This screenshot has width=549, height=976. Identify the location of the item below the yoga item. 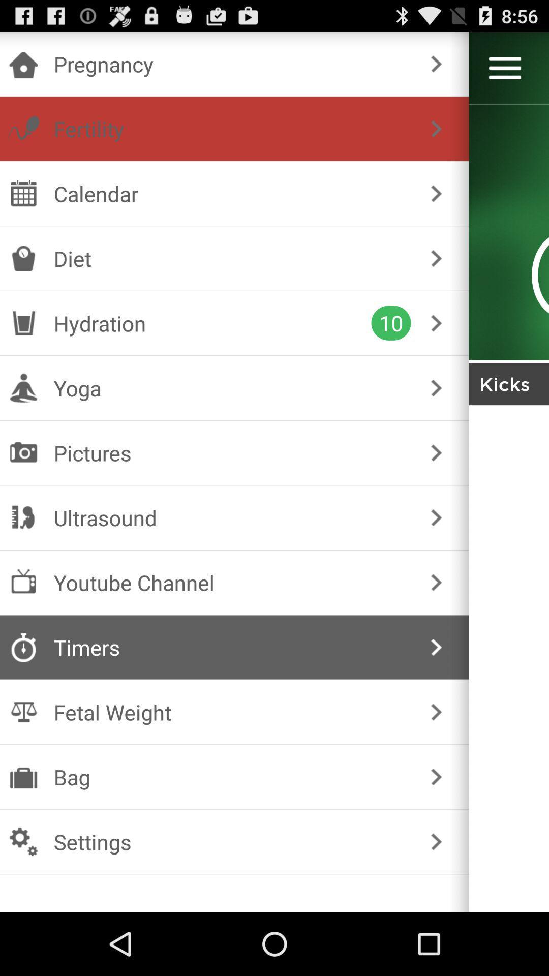
(232, 452).